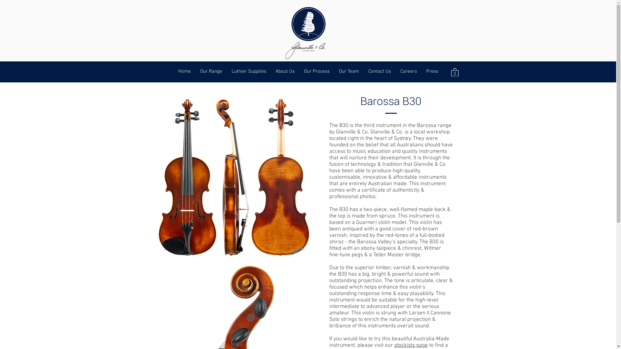 The image size is (621, 349). What do you see at coordinates (317, 71) in the screenshot?
I see `'Our Process'` at bounding box center [317, 71].